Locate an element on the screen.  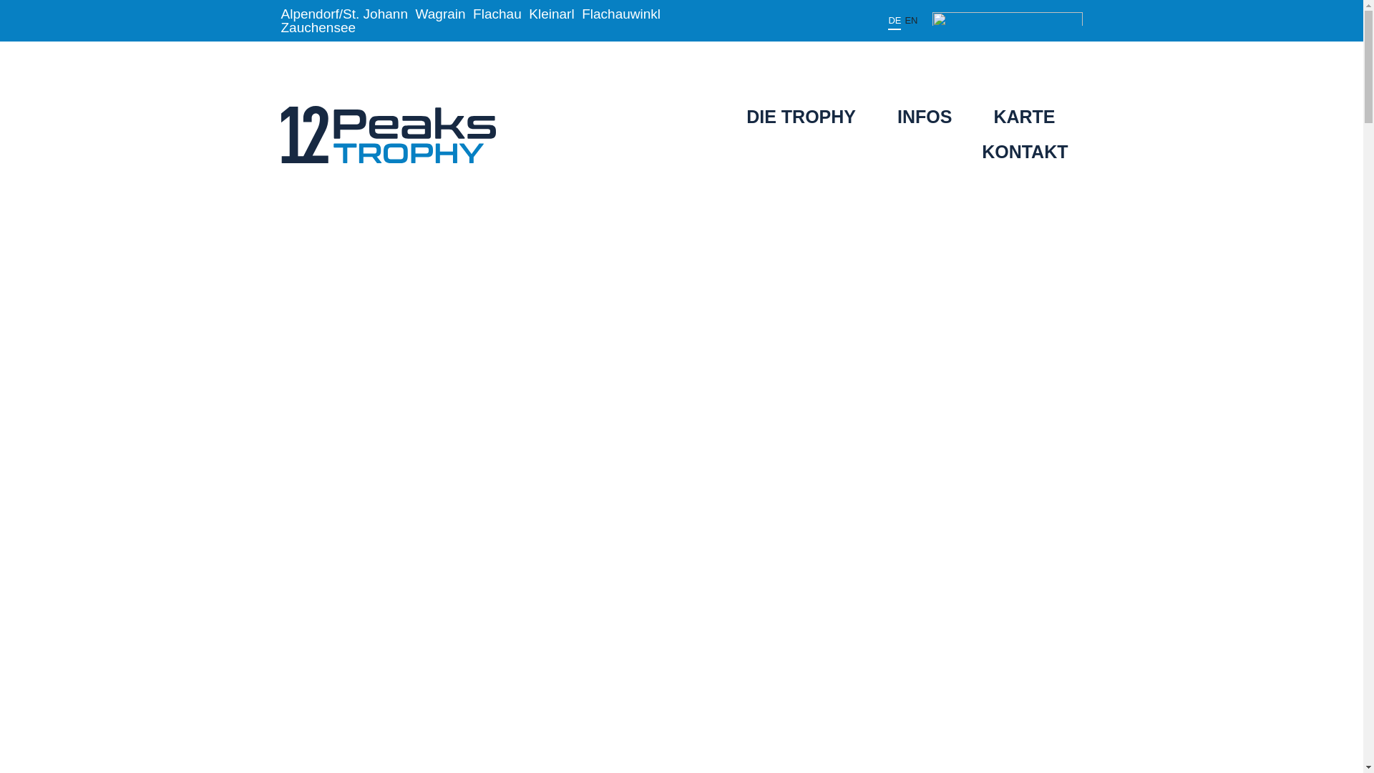
'DIE TROPHY' is located at coordinates (800, 116).